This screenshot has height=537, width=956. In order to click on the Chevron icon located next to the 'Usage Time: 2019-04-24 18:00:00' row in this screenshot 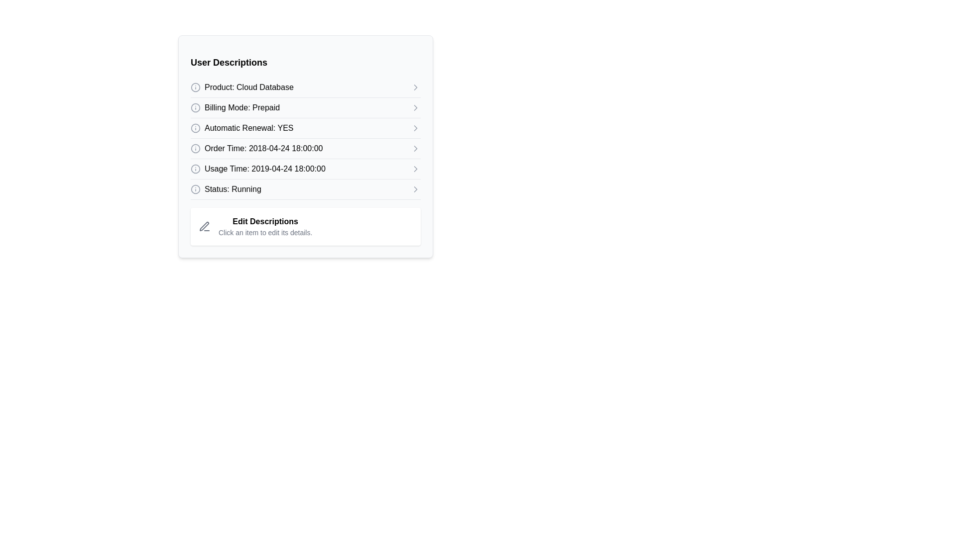, I will do `click(416, 168)`.